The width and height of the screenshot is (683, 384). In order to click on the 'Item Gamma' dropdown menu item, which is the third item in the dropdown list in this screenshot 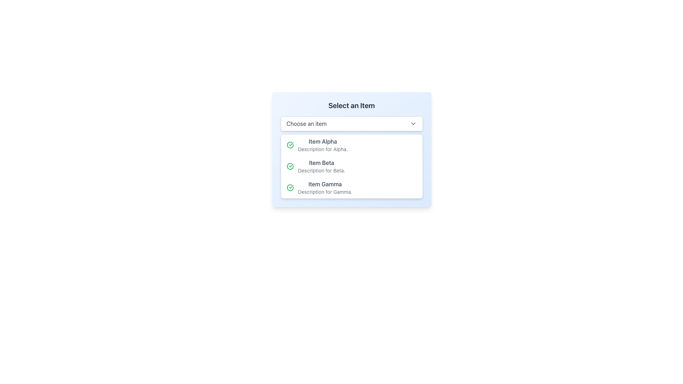, I will do `click(324, 187)`.